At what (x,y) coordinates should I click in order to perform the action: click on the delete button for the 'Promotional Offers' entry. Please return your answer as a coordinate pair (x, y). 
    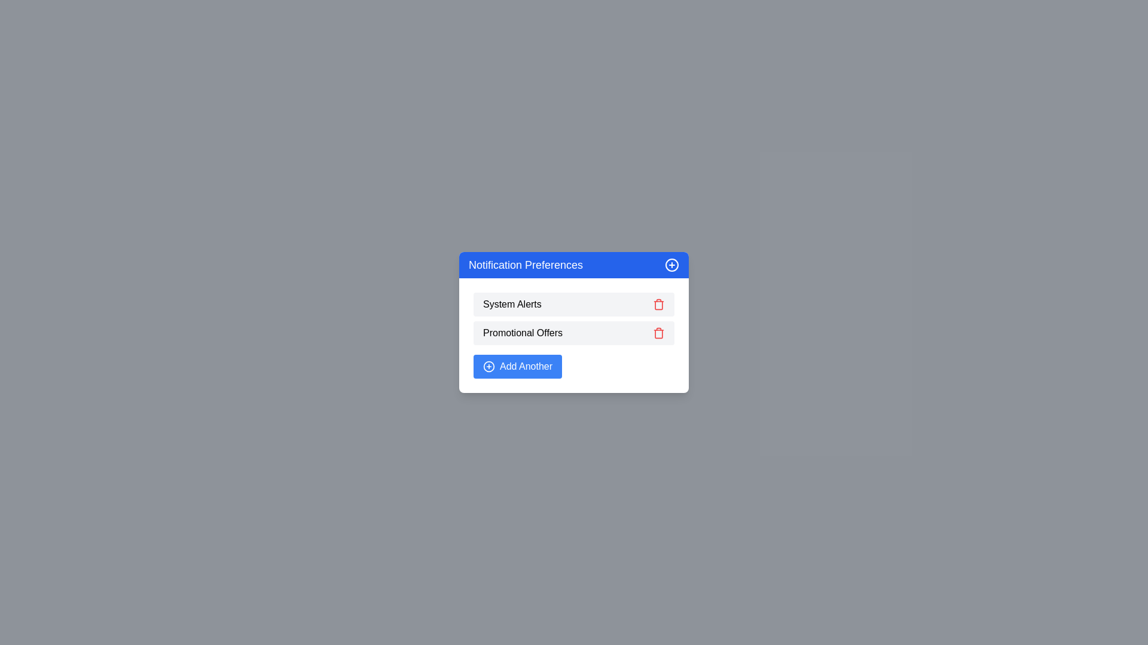
    Looking at the image, I should click on (658, 333).